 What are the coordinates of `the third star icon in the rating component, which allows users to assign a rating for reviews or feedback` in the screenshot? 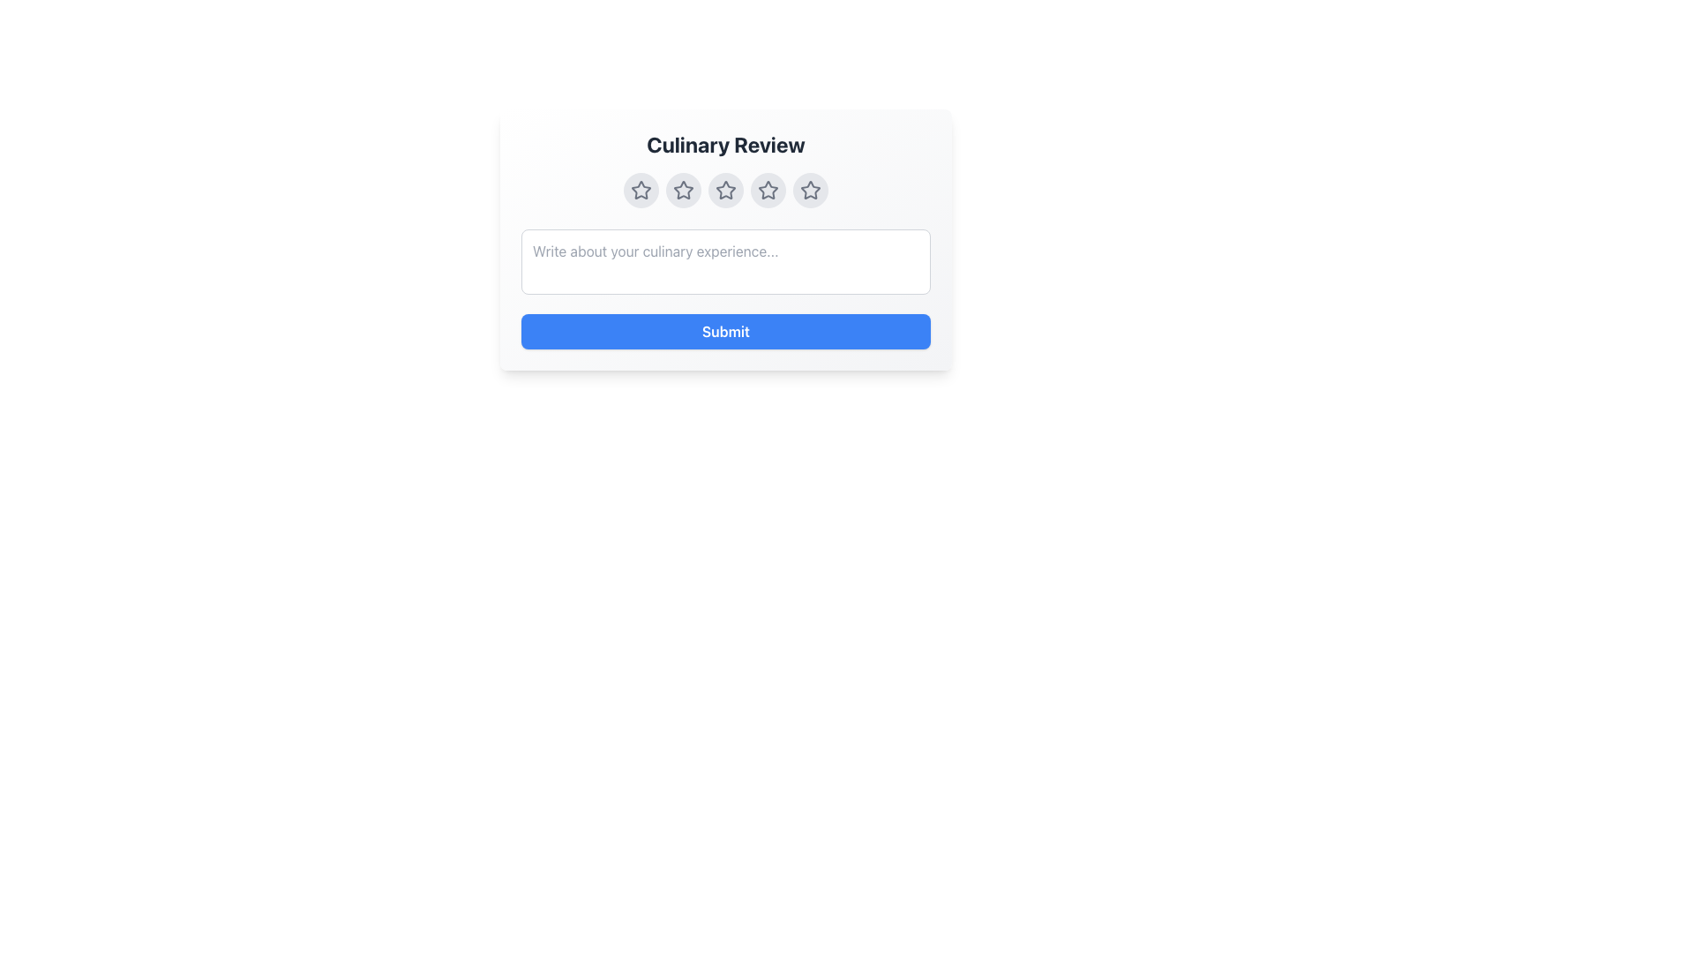 It's located at (725, 190).